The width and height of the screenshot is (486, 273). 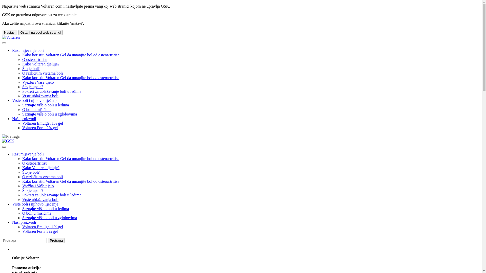 What do you see at coordinates (40, 32) in the screenshot?
I see `'Ostani na ovoj web stranici'` at bounding box center [40, 32].